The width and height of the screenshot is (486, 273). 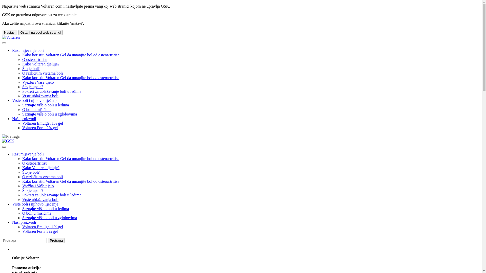 What do you see at coordinates (40, 32) in the screenshot?
I see `'Ostani na ovoj web stranici'` at bounding box center [40, 32].